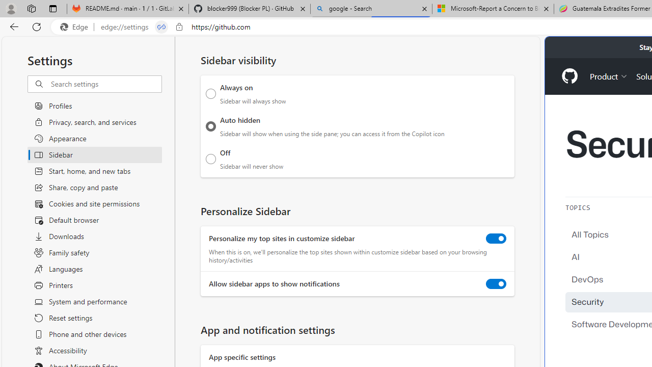  I want to click on 'Tabs in split screen', so click(161, 27).